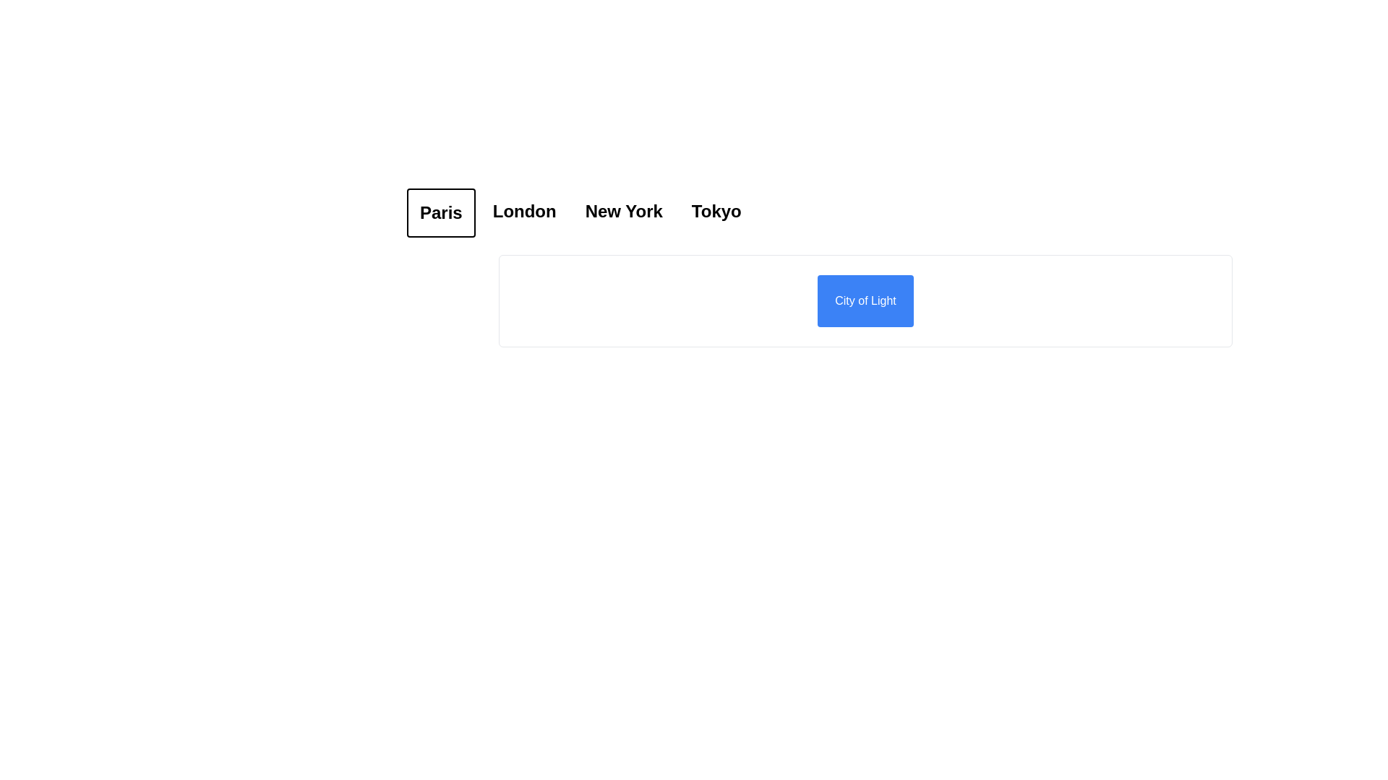 The width and height of the screenshot is (1388, 780). Describe the element at coordinates (440, 212) in the screenshot. I see `the selectable label option representing 'Paris'` at that location.